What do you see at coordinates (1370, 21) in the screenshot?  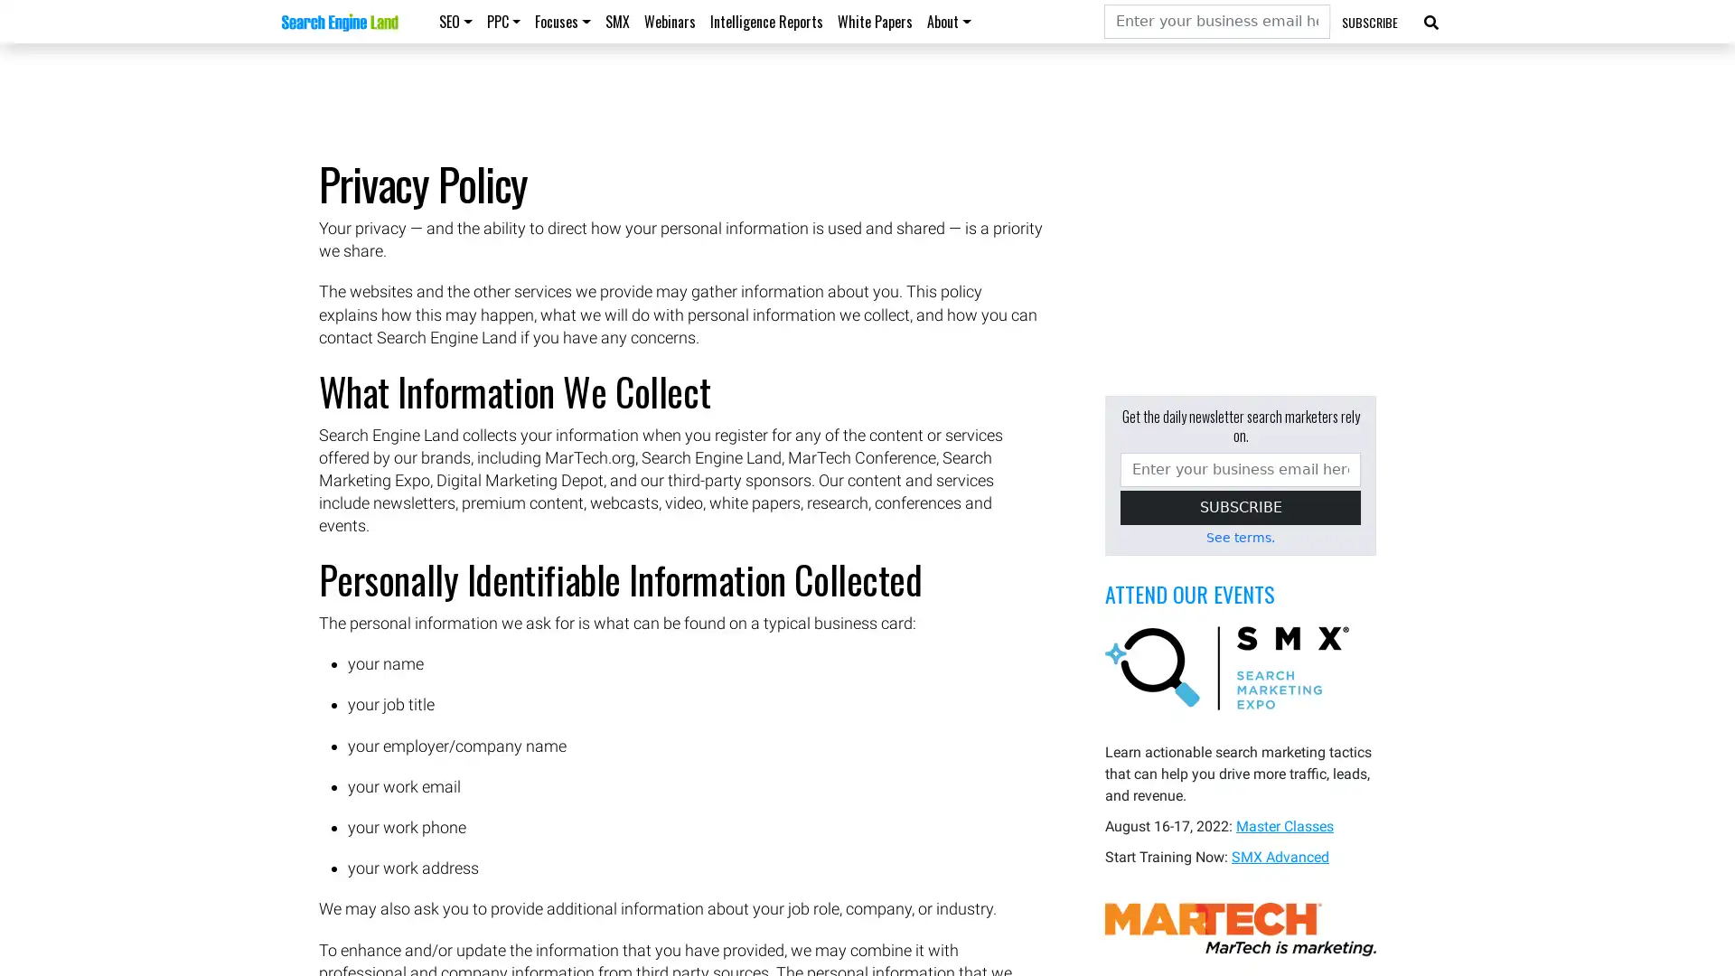 I see `SUBSCRIBE` at bounding box center [1370, 21].